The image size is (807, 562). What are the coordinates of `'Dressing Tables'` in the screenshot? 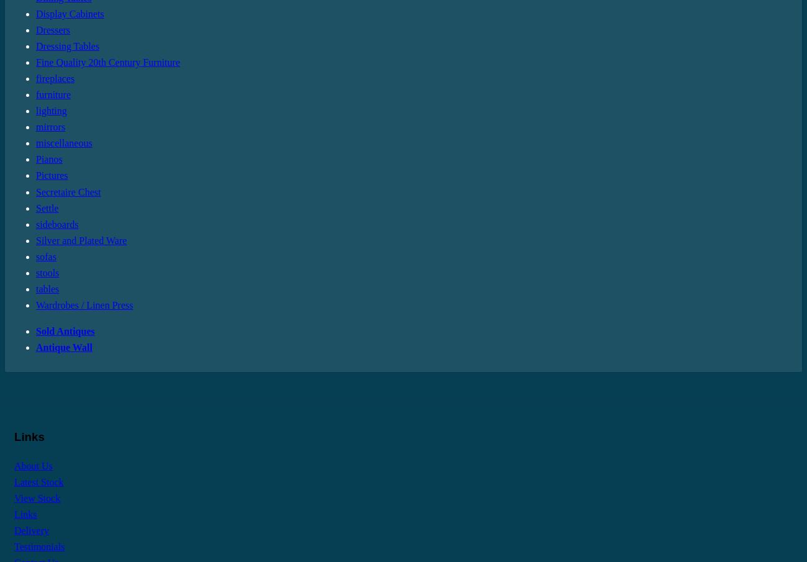 It's located at (67, 46).